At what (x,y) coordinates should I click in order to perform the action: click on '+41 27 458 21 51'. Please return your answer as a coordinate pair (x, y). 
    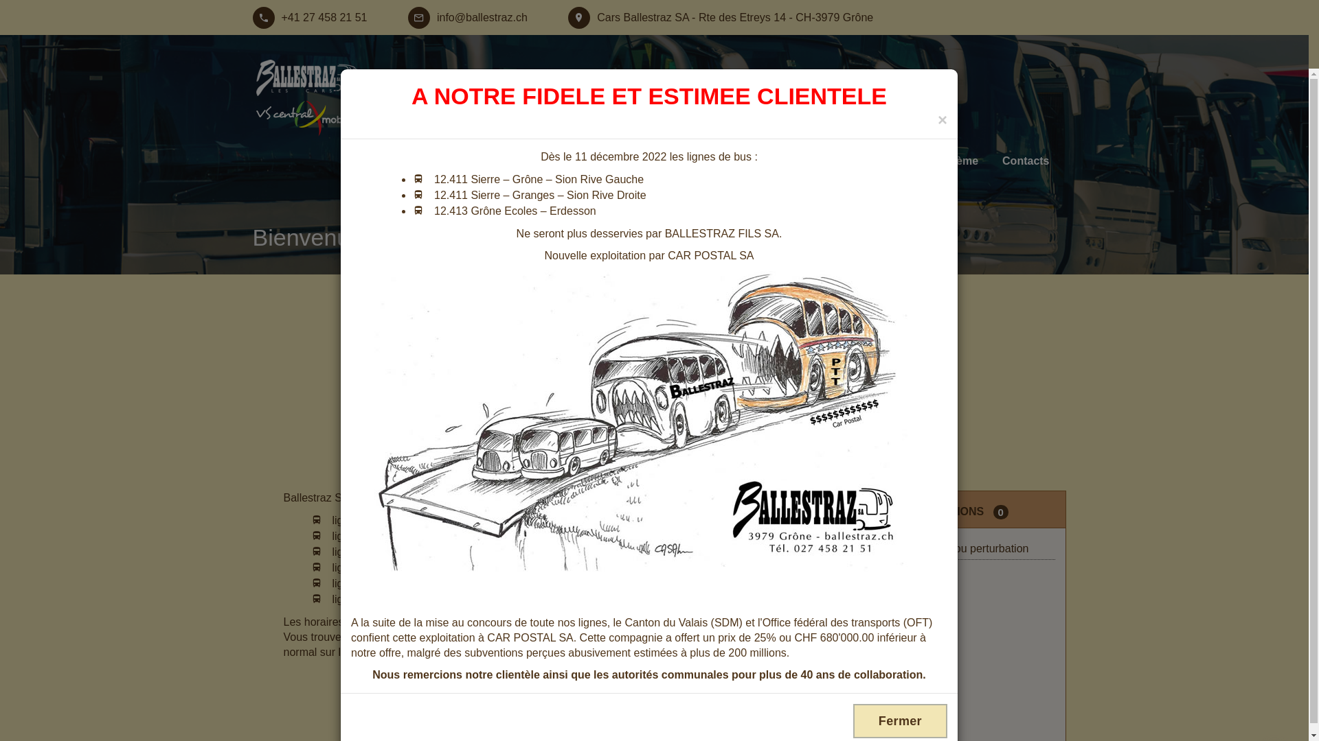
    Looking at the image, I should click on (309, 18).